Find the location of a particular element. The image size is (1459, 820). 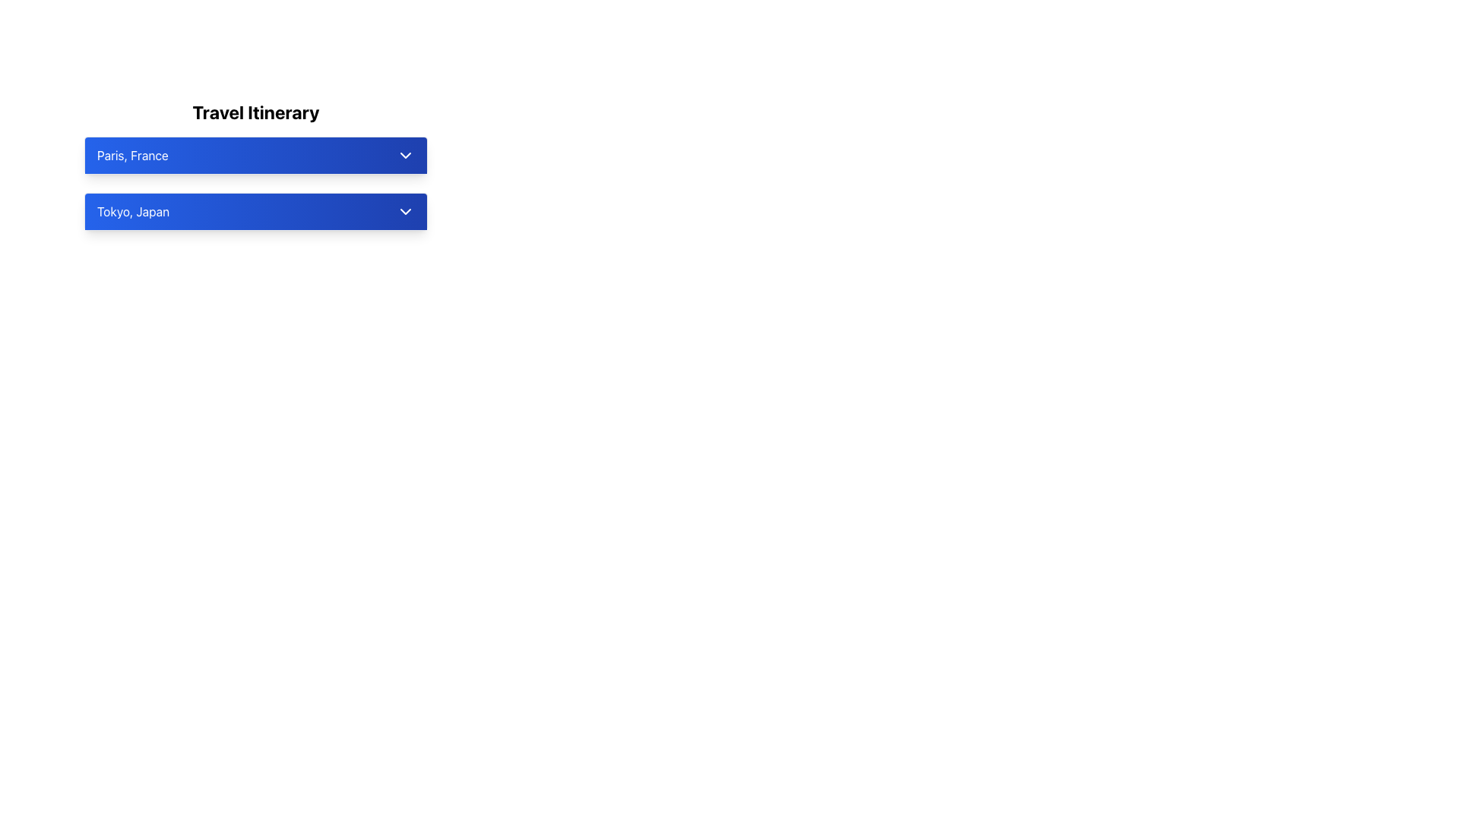

the label indicating the location 'Paris, France' within the travel itinerary interface, which is located on the top blue rectangular button of a vertical list is located at coordinates (132, 155).